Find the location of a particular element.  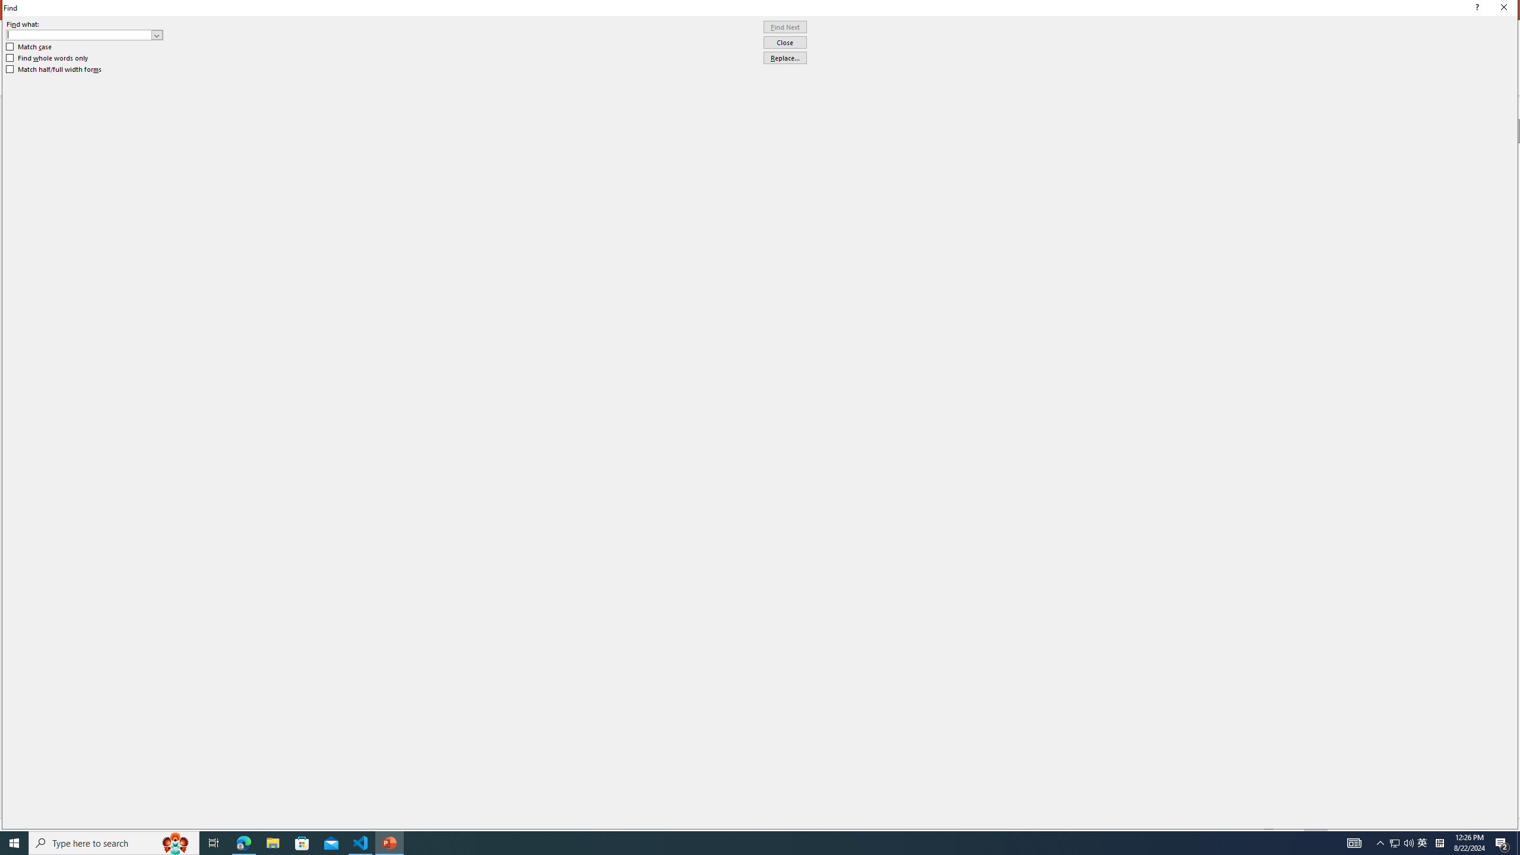

'Find what' is located at coordinates (84, 34).